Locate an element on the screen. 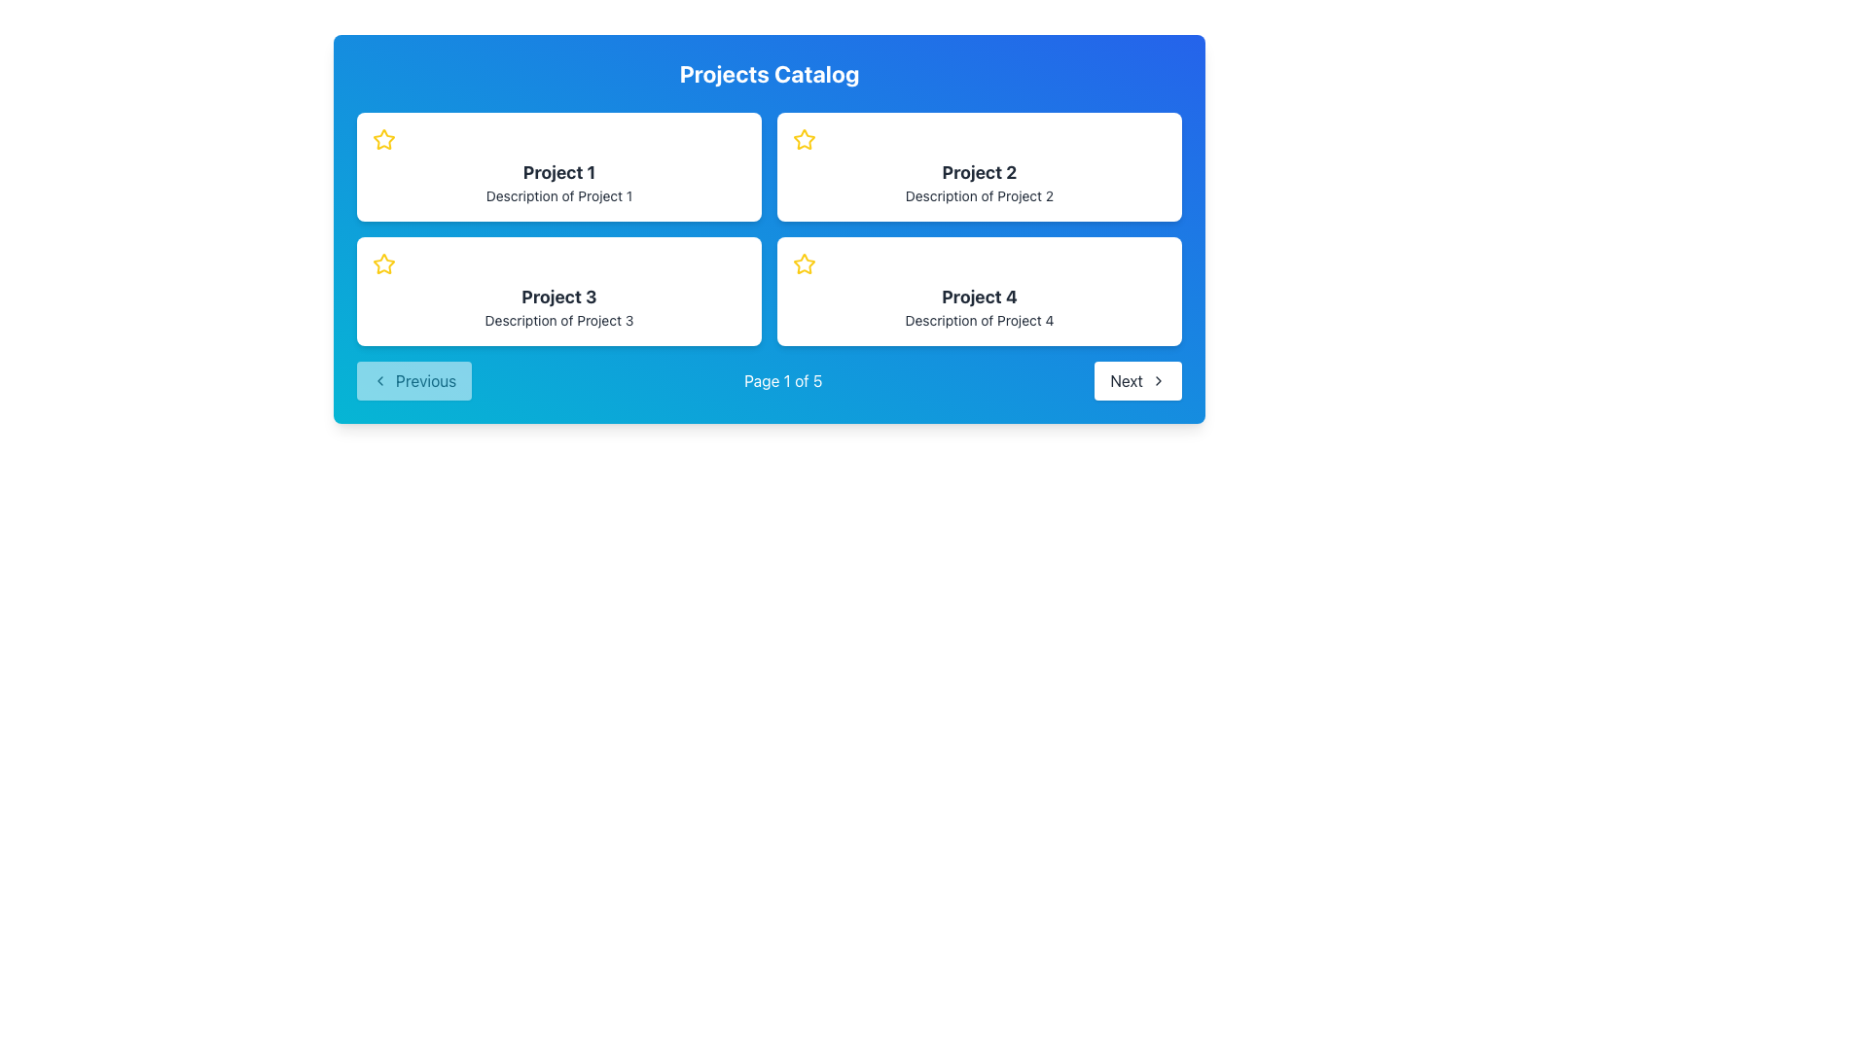  the text label providing a description for Project 4, located beneath the header 'Project 4' in the fourth card of the grid layout is located at coordinates (980, 320).